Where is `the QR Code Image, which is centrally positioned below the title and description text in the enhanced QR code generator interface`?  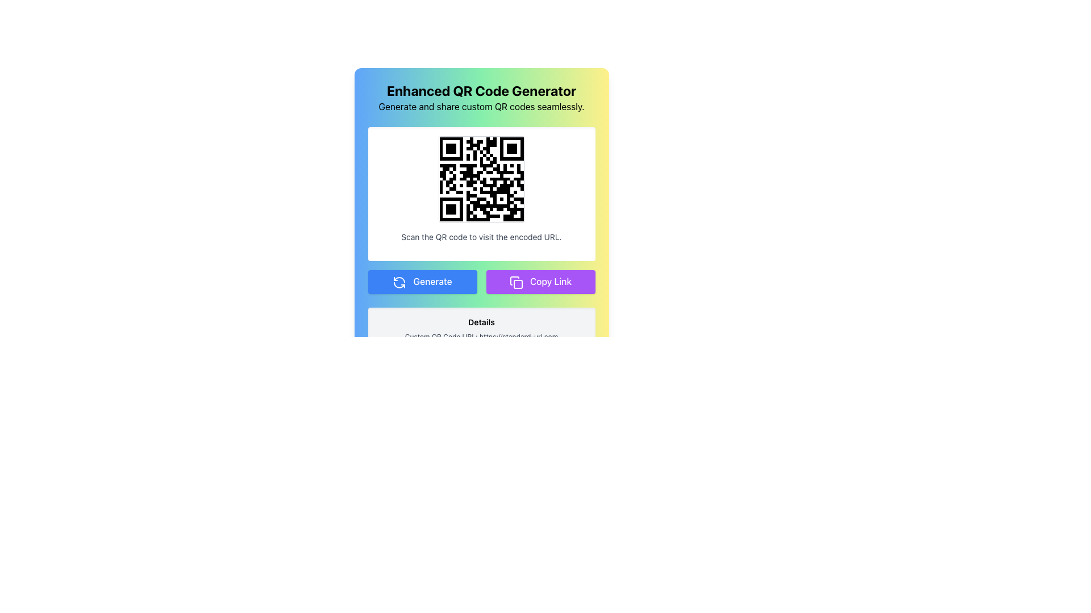
the QR Code Image, which is centrally positioned below the title and description text in the enhanced QR code generator interface is located at coordinates (481, 183).